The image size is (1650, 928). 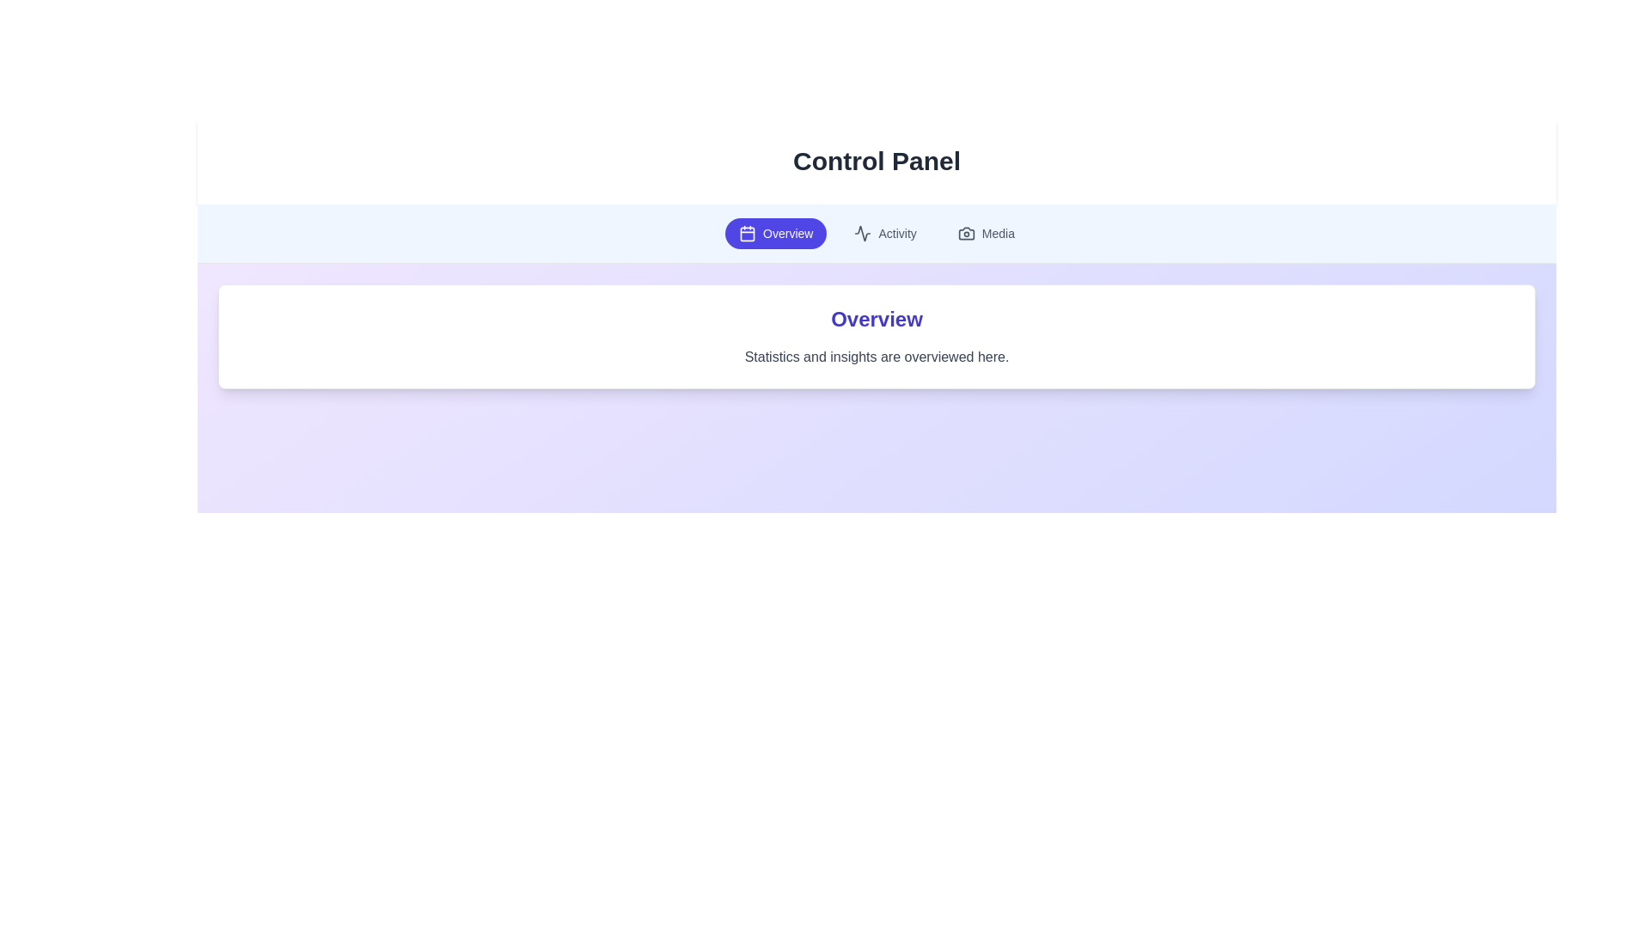 I want to click on the small calendar icon with thin strokes located within a rounded, blue background, which is part of the button labeled 'Overview', positioned to the left of the text 'Overview', so click(x=748, y=234).